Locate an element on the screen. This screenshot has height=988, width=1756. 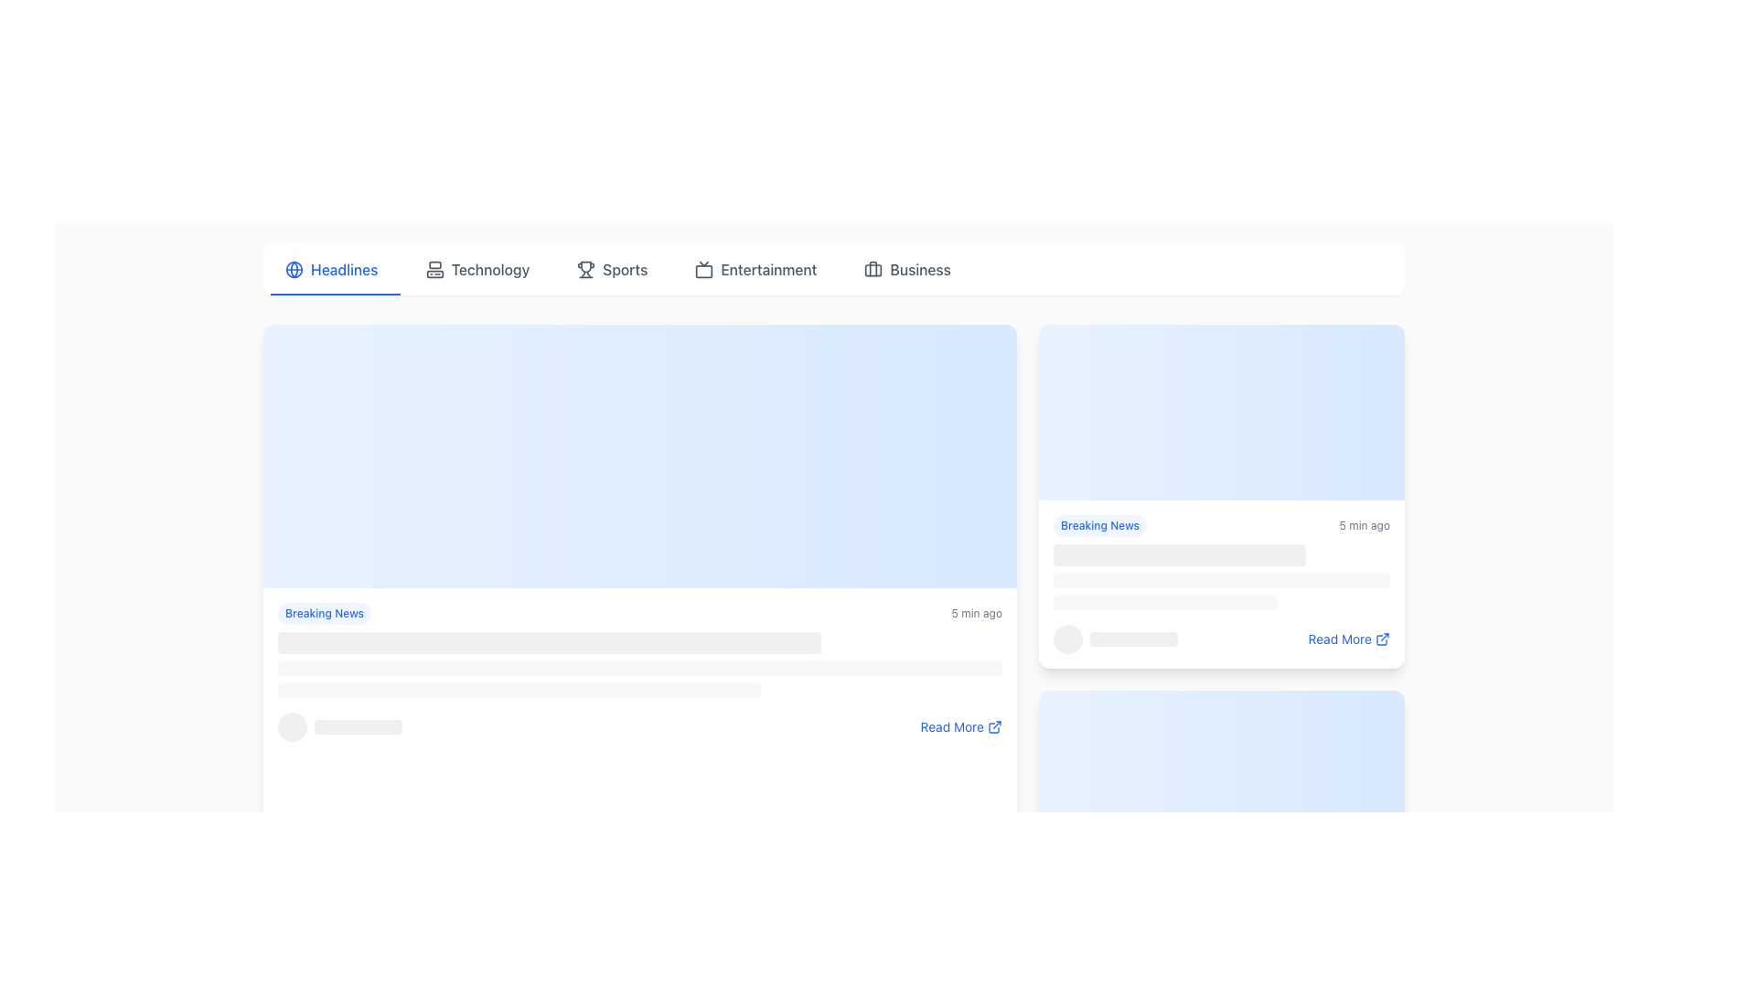
the 'Technology' navigation button located in the top navigation bar, positioned between 'Headlines' and 'Sports' is located at coordinates (477, 269).